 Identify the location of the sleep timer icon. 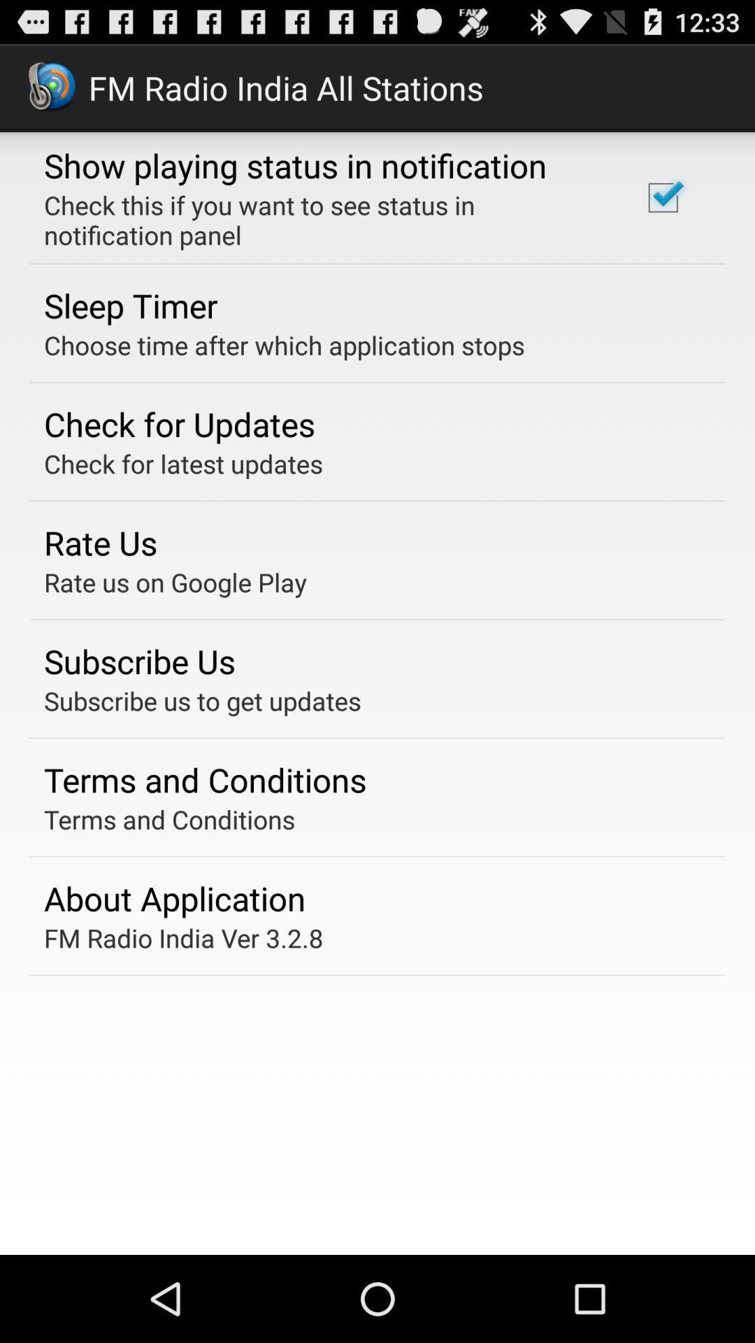
(131, 304).